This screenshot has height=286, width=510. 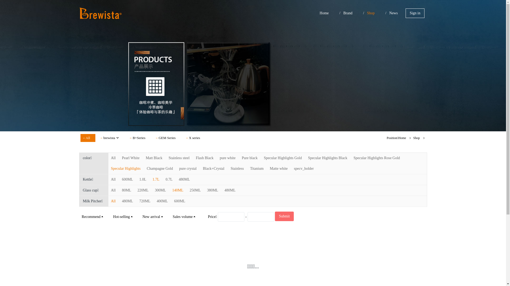 What do you see at coordinates (159, 168) in the screenshot?
I see `'Champagne Gold'` at bounding box center [159, 168].